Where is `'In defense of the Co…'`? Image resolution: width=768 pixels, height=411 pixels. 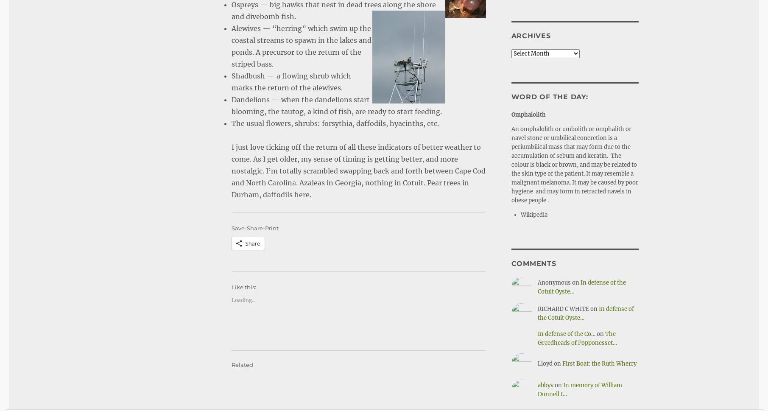
'In defense of the Co…' is located at coordinates (537, 333).